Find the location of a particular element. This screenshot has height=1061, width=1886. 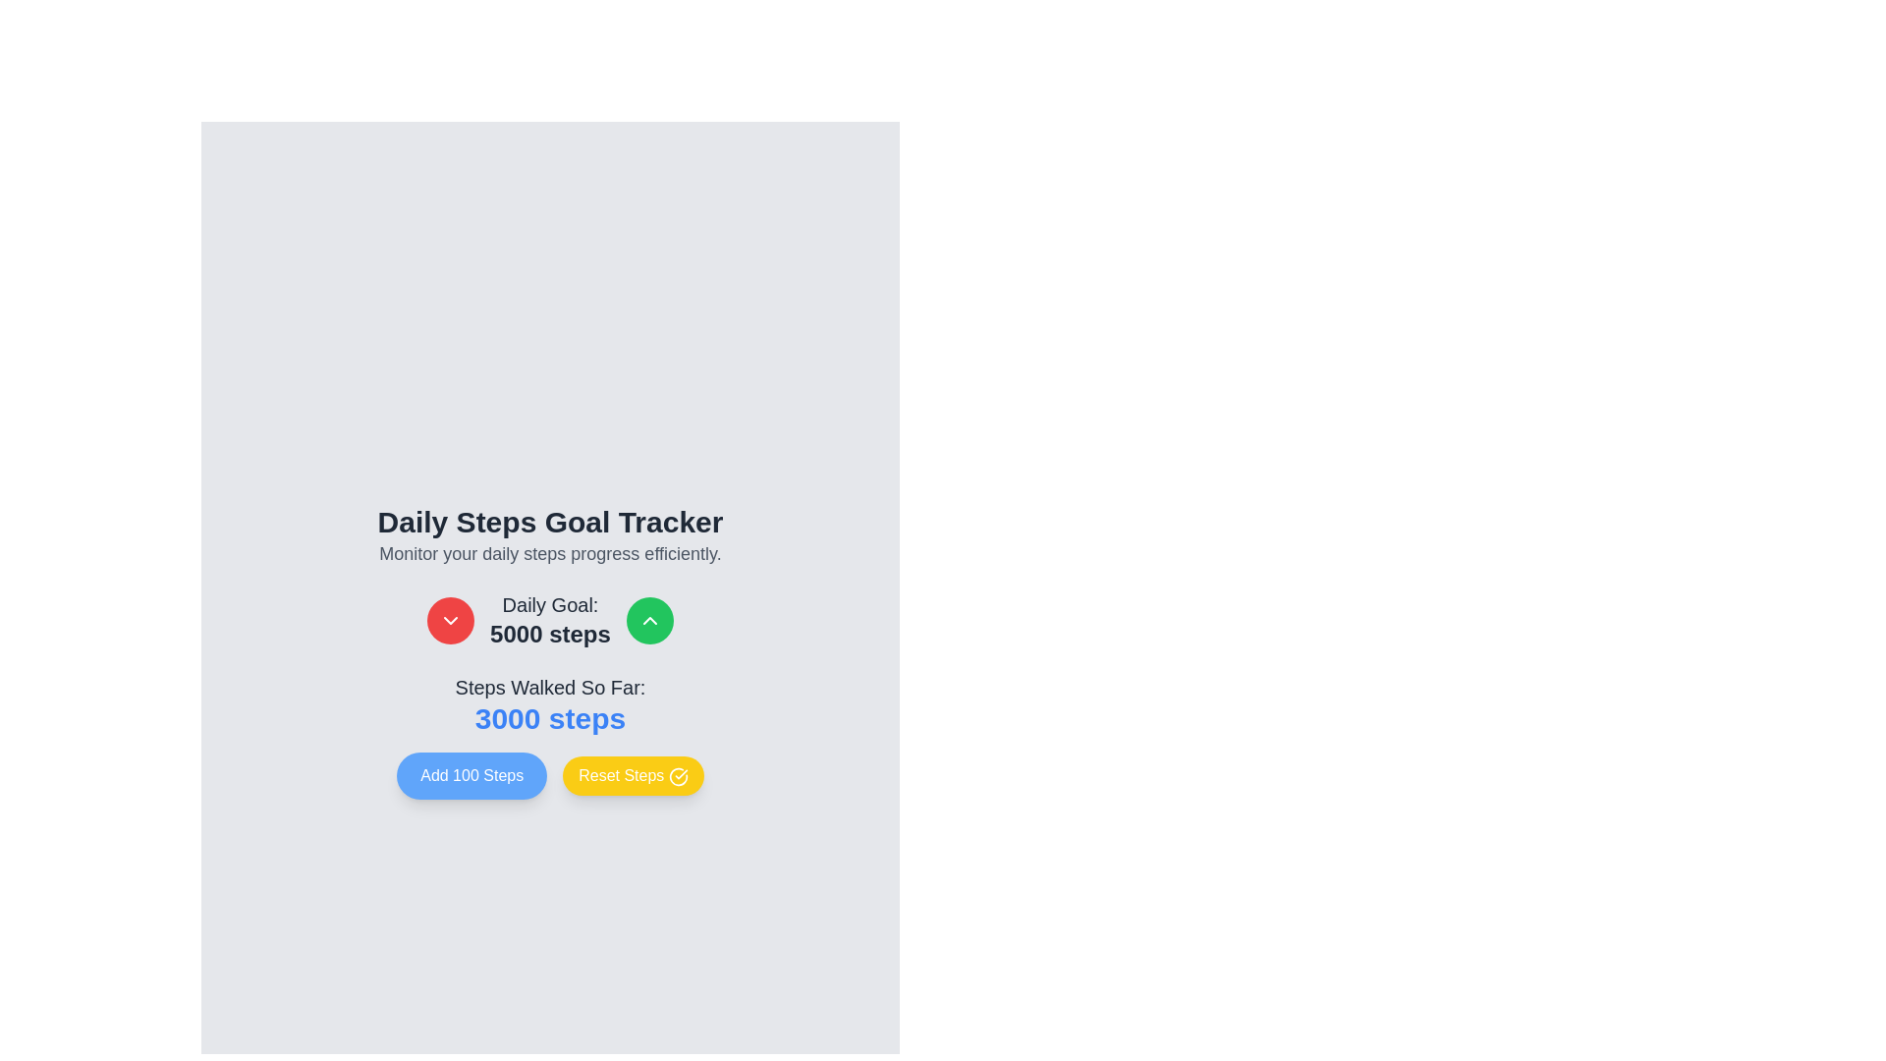

the circular icon graphic in the lower-right part of the interface, which is part of the 'Reset Steps' button is located at coordinates (678, 775).